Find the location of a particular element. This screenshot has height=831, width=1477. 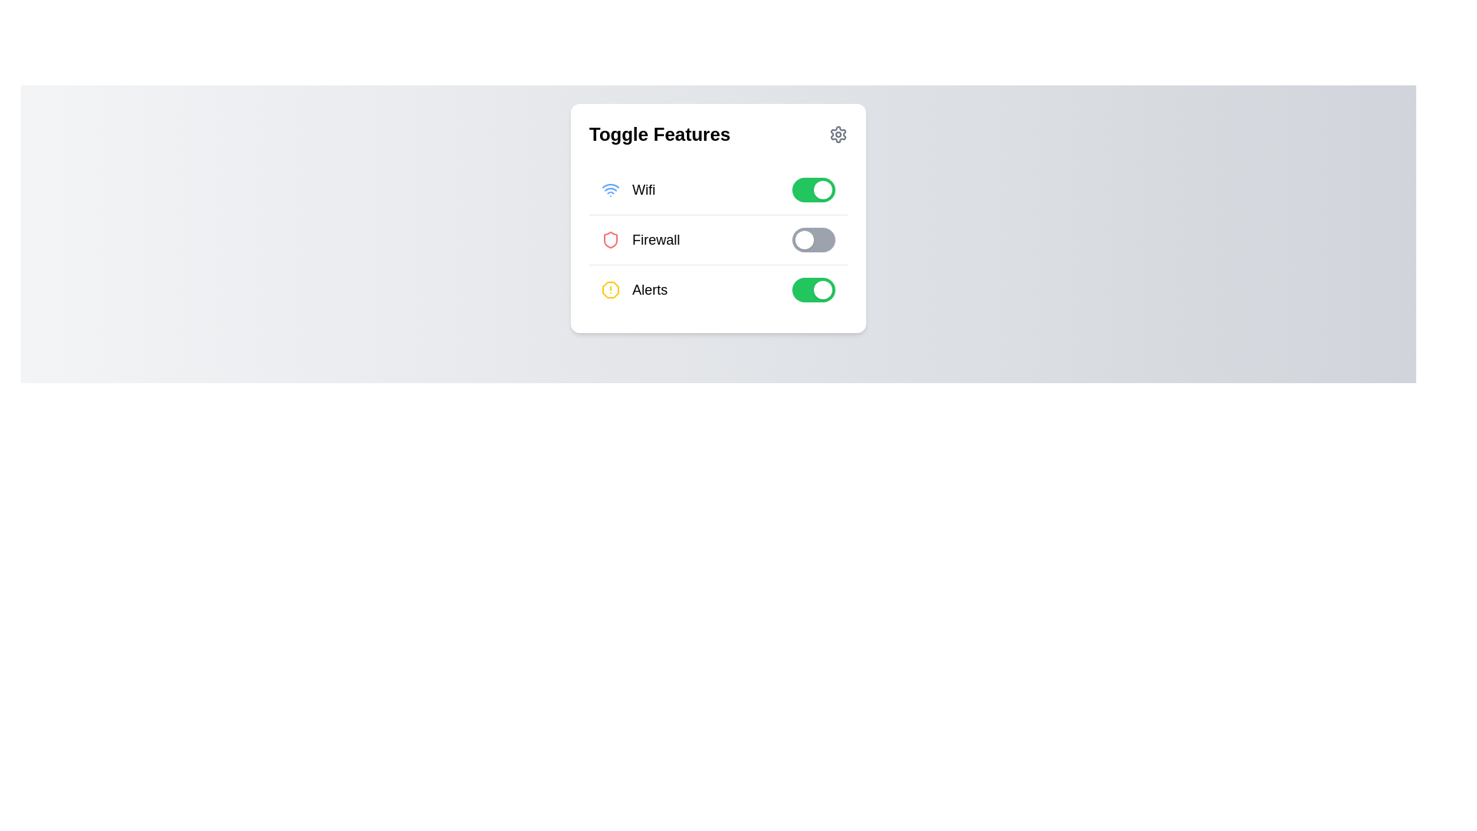

the 'Firewall' label, which is the second label in a vertical list of features within a white feature configuration panel, positioned between 'Wifi' and 'Alerts' is located at coordinates (656, 240).